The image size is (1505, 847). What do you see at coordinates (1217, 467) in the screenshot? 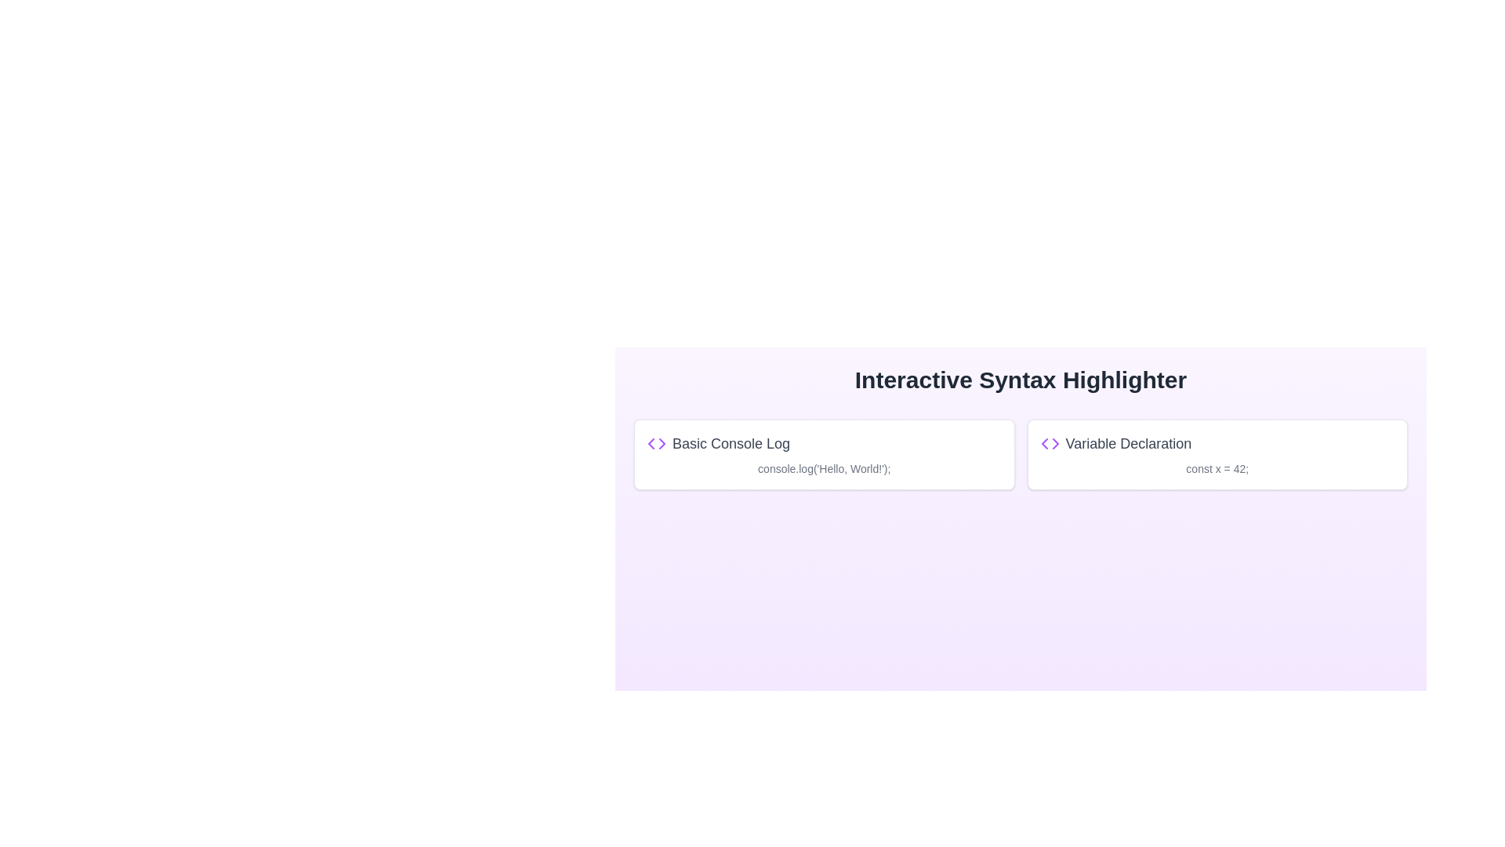
I see `text content of the small-sized gray text displaying 'const x = 42;' located below the title 'Variable Declaration'` at bounding box center [1217, 467].